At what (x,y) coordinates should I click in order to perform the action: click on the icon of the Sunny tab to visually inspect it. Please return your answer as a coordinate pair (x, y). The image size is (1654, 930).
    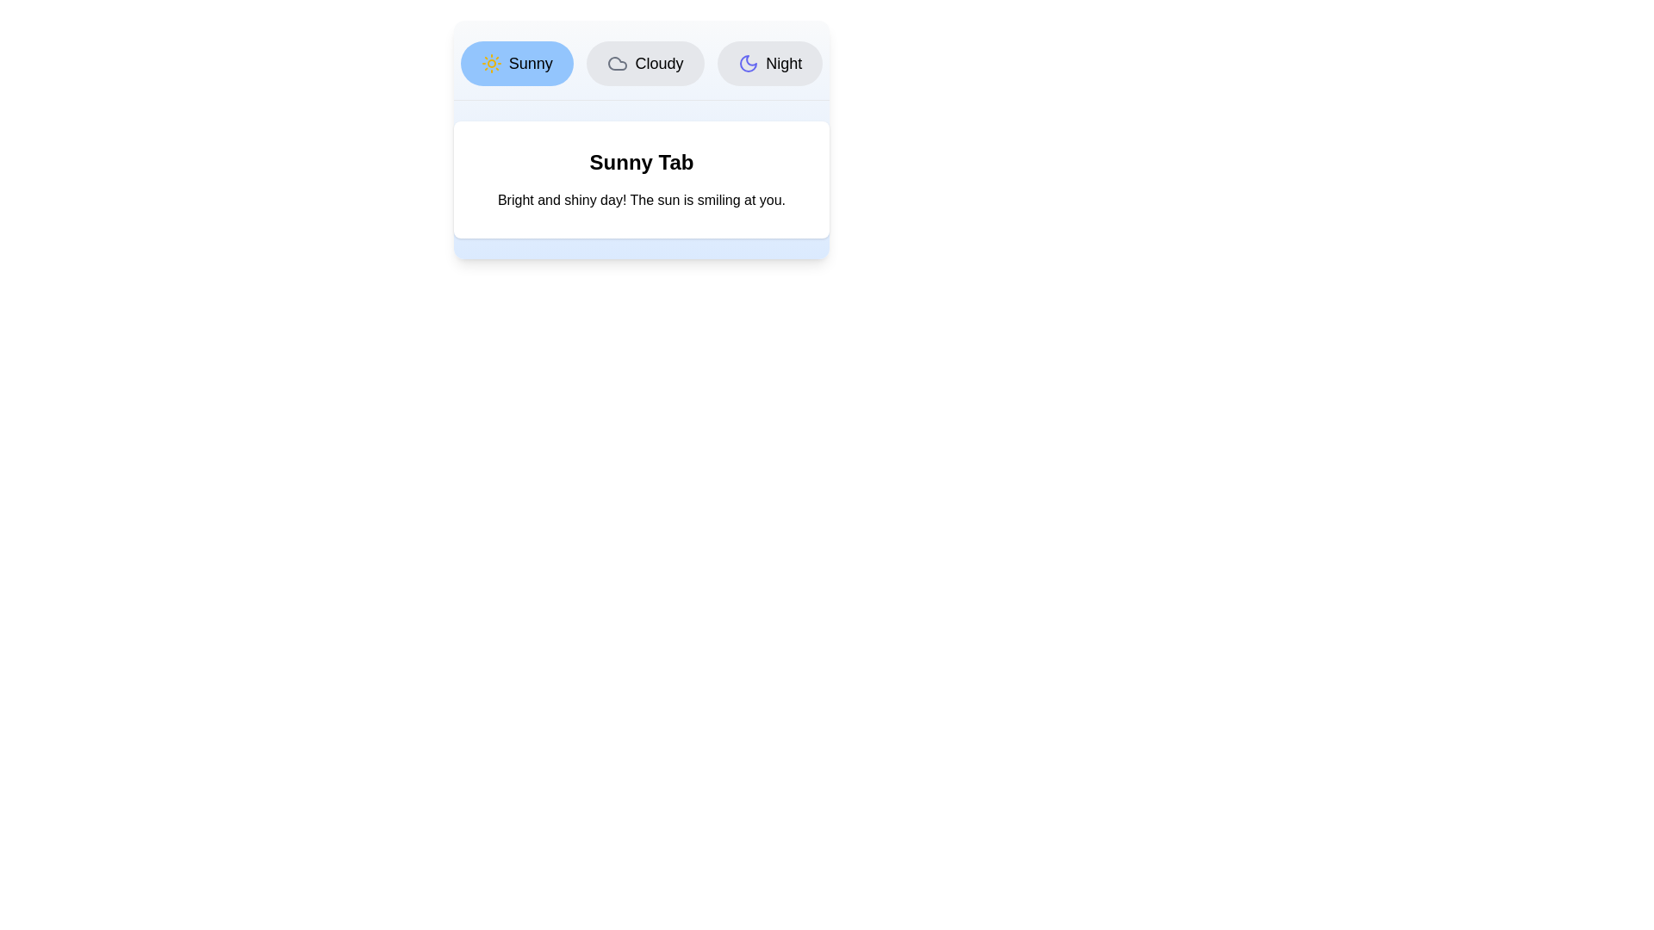
    Looking at the image, I should click on (490, 62).